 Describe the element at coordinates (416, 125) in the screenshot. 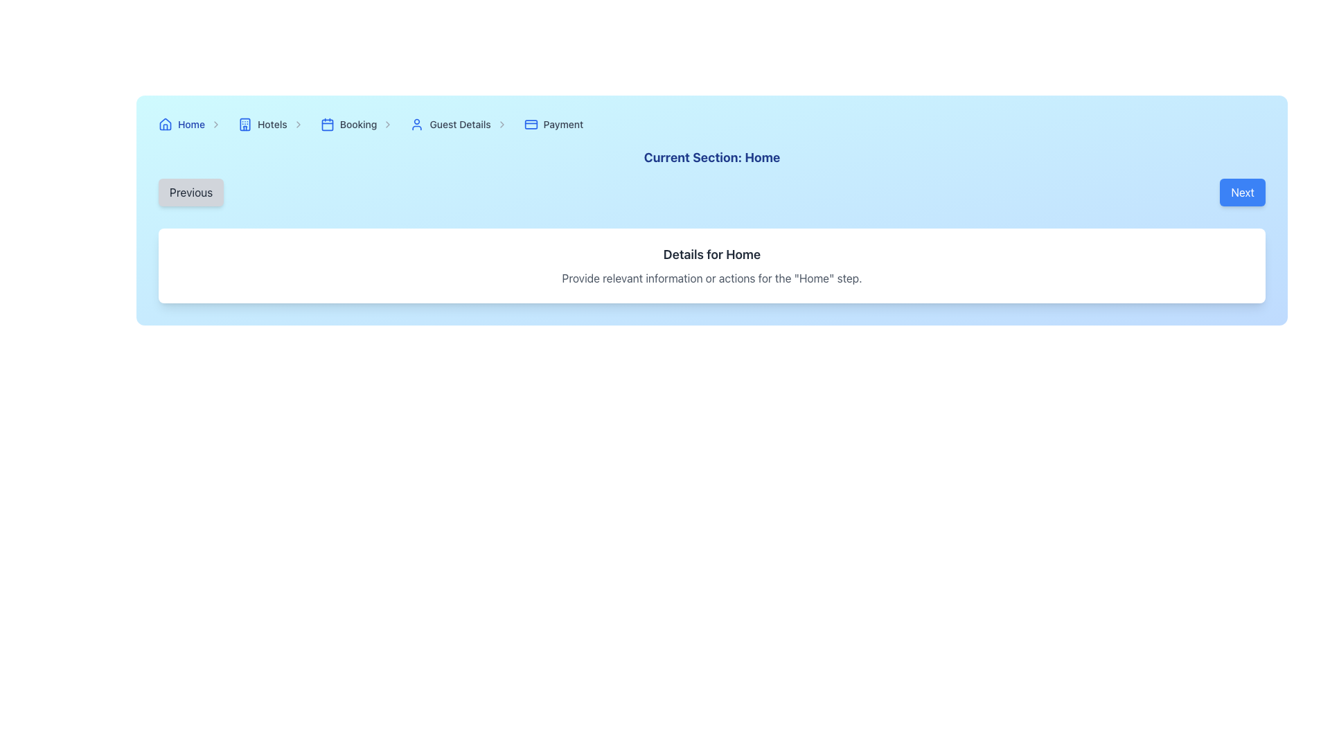

I see `the user icon, which is a small blue silhouette located to the left of the 'Guest Details' text in the breadcrumb navigation bar` at that location.